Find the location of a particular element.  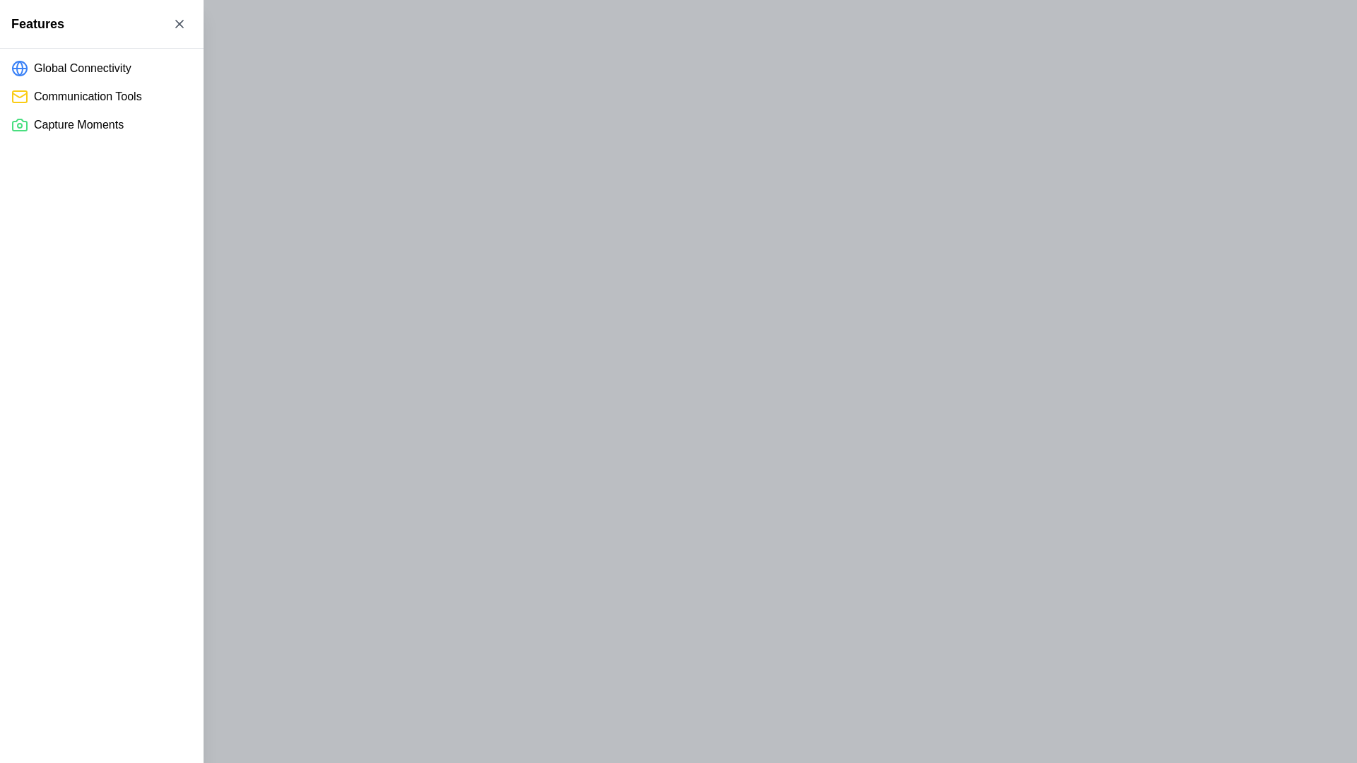

the 'Communication Tools' menu item located in the sidebar menu, which is the second item in a vertical list of features is located at coordinates (101, 96).